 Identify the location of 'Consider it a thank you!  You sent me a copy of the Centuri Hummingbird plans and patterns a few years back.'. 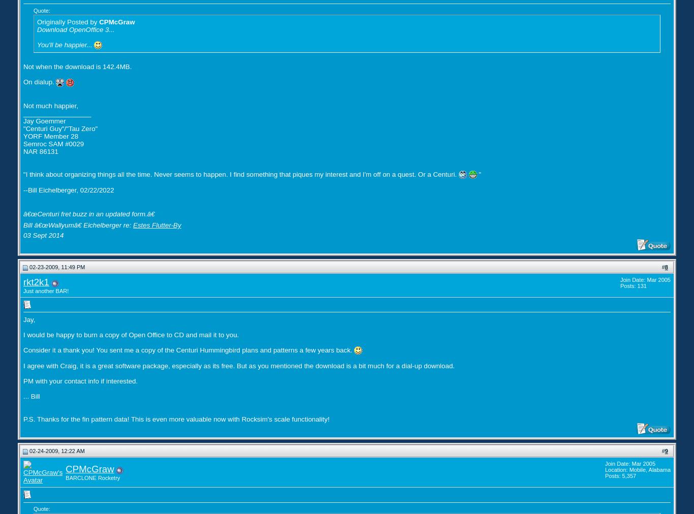
(188, 349).